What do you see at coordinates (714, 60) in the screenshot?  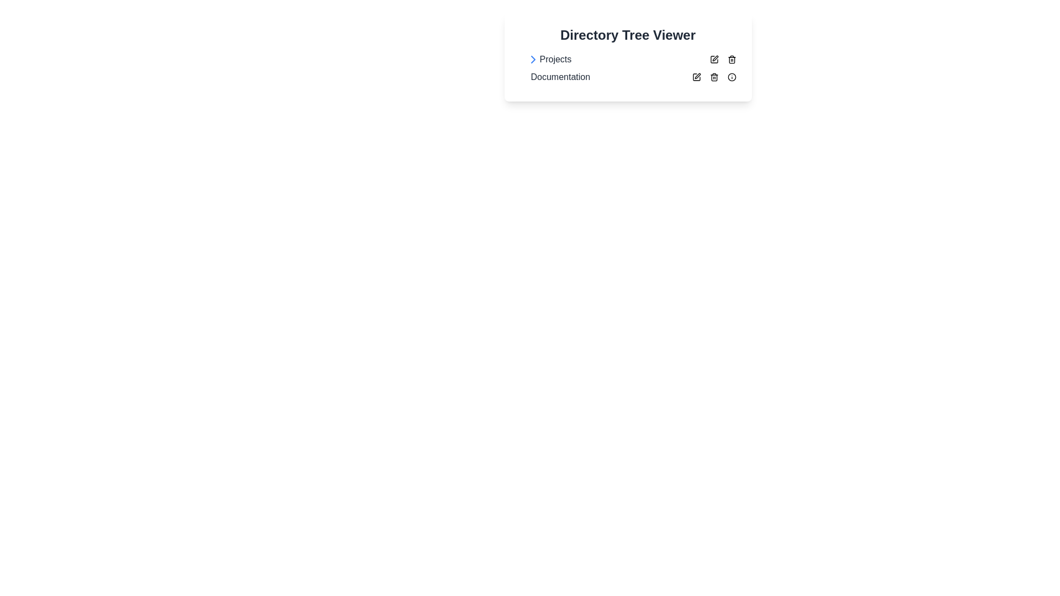 I see `the 'Edit' button located in the upper-right corner of the 'Directory Tree Viewer' card` at bounding box center [714, 60].